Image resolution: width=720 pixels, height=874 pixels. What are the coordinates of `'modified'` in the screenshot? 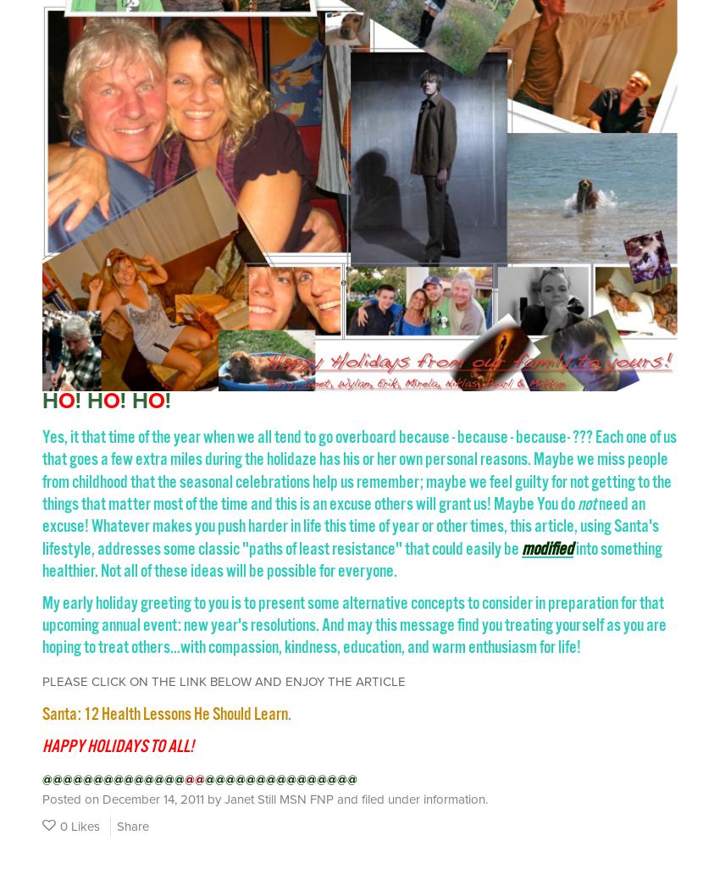 It's located at (547, 547).